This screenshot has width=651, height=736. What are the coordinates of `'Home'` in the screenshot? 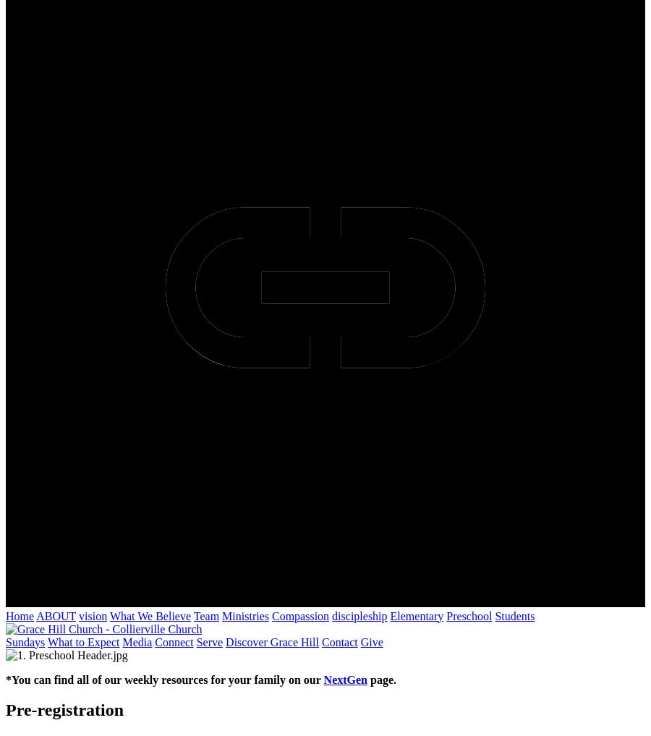 It's located at (5, 615).